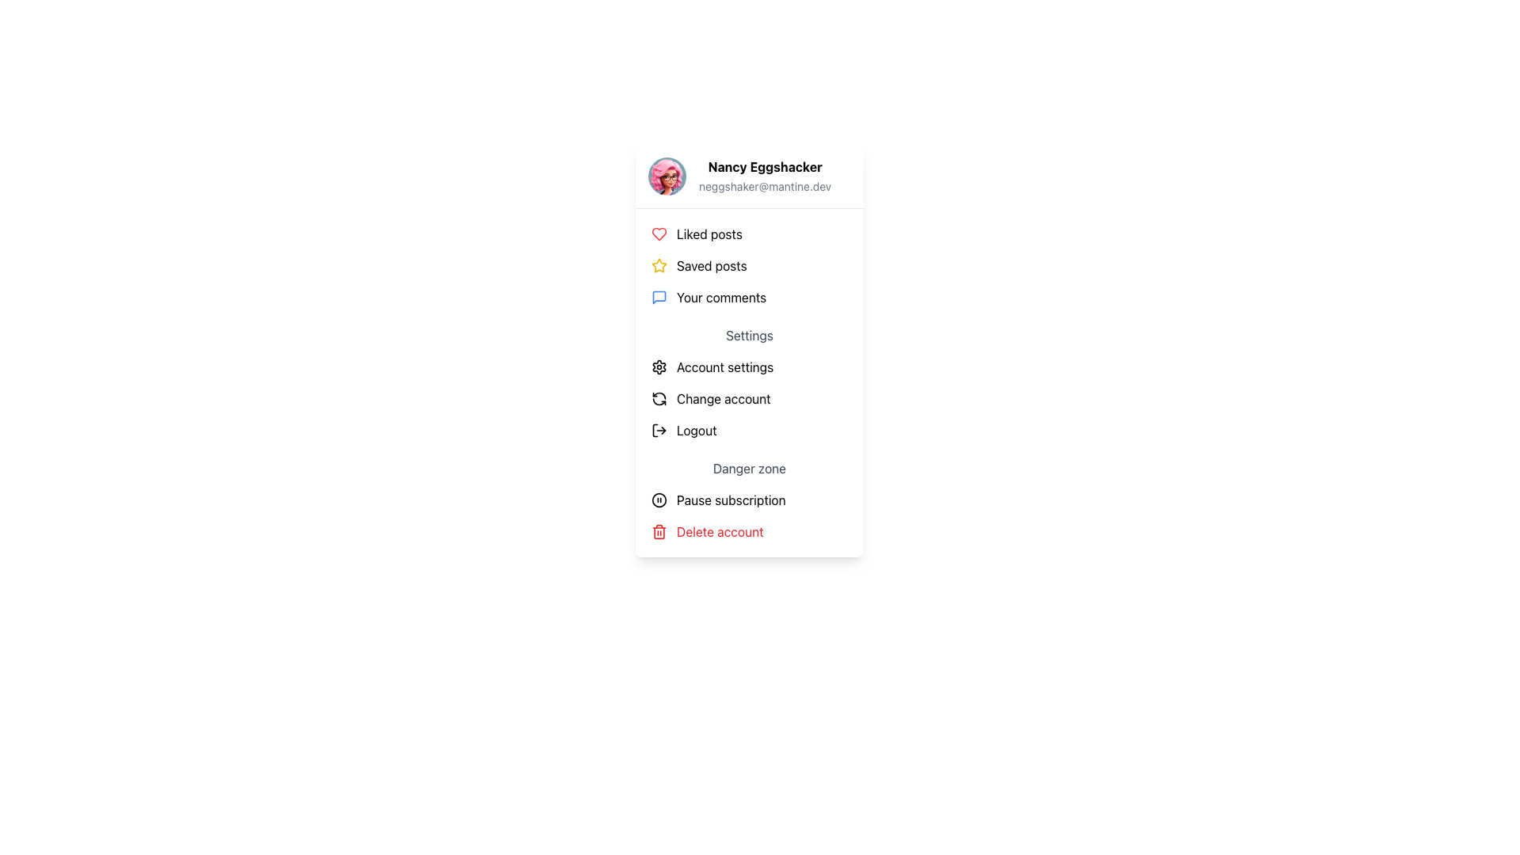  What do you see at coordinates (748, 531) in the screenshot?
I see `the 'Delete account' button, which is the second option in the 'Danger zone' menu, styled with red text and a trashbin icon` at bounding box center [748, 531].